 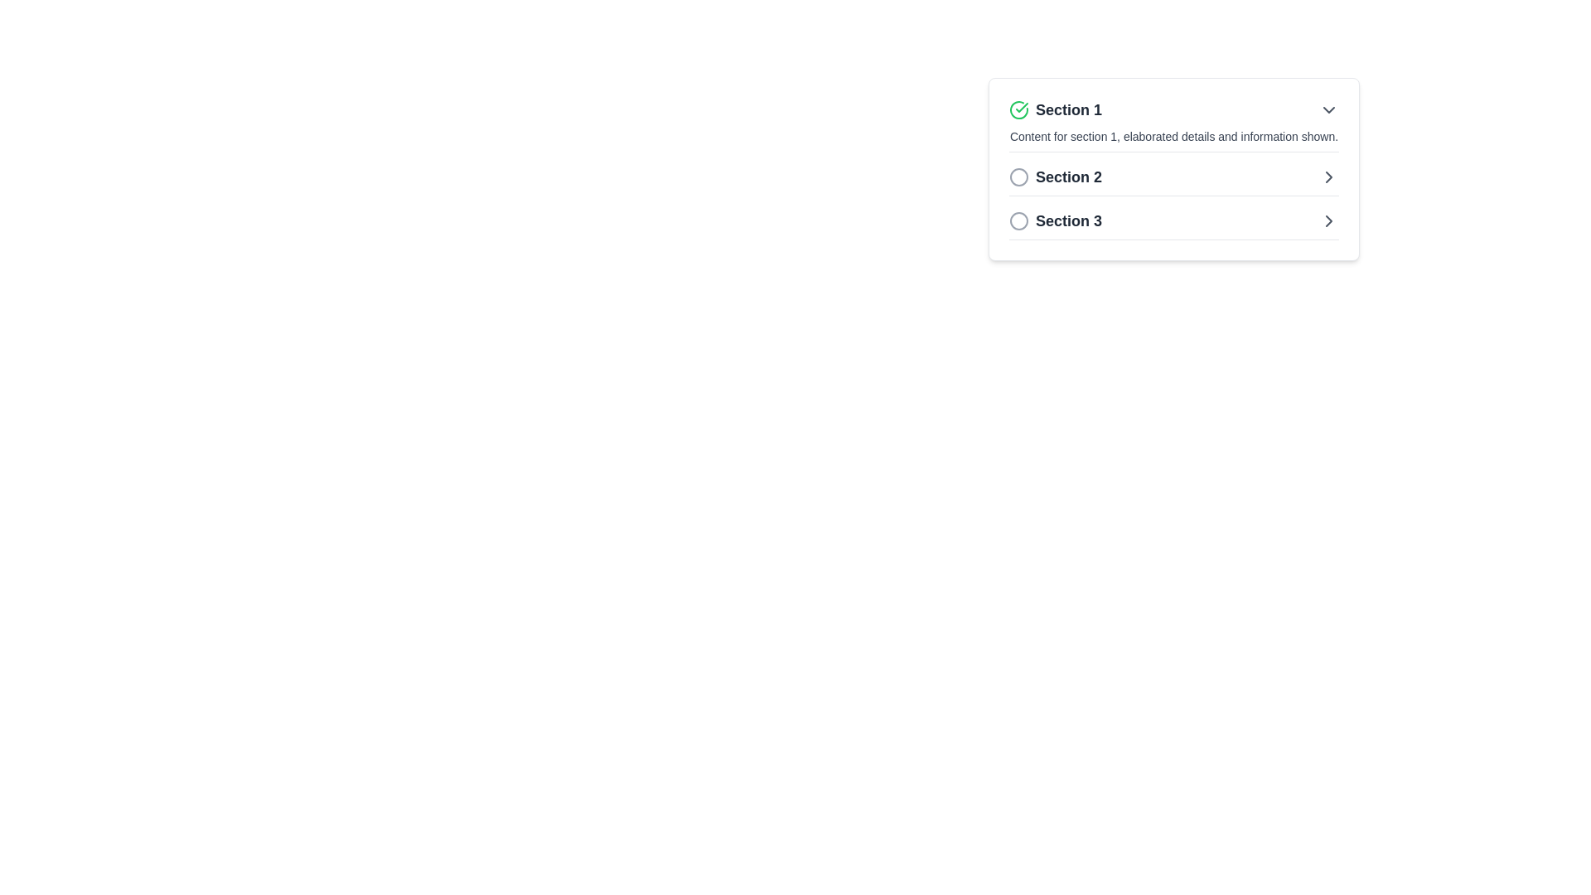 What do you see at coordinates (1018, 177) in the screenshot?
I see `the circular indicator button for 'Section 2'` at bounding box center [1018, 177].